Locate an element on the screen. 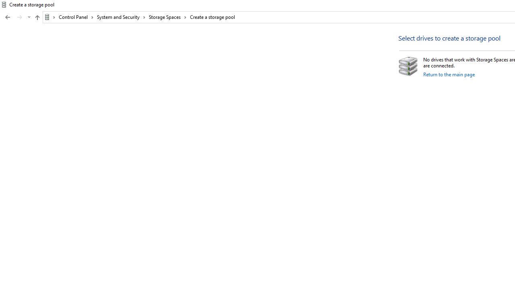  'Control Panel' is located at coordinates (76, 17).